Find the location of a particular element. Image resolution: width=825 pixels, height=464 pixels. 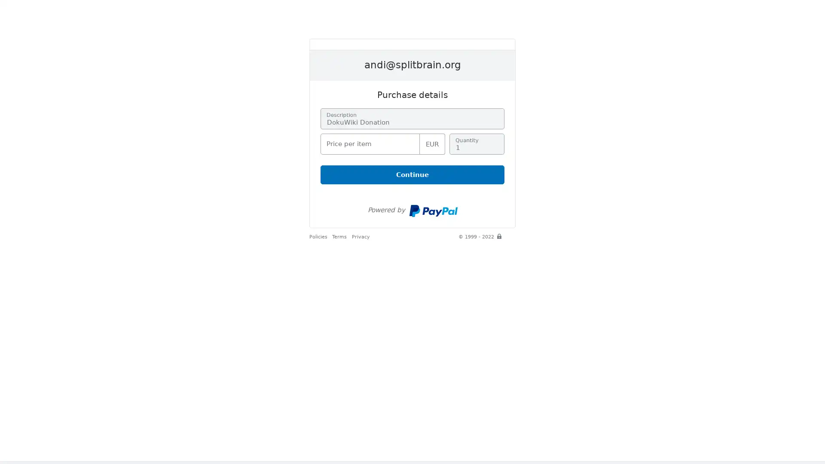

Continue is located at coordinates (412, 174).